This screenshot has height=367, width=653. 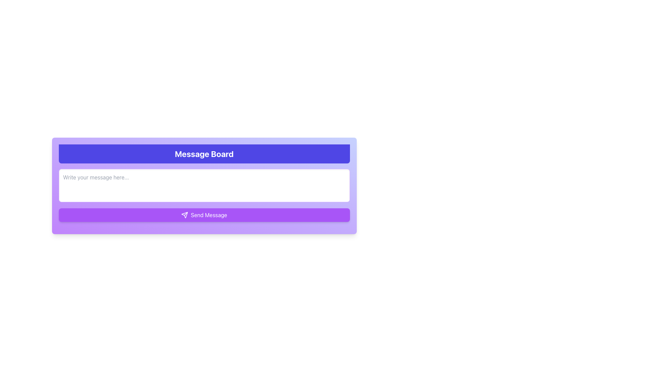 What do you see at coordinates (204, 154) in the screenshot?
I see `the Title Header at the top section of the panel, which indicates the context of the section below` at bounding box center [204, 154].